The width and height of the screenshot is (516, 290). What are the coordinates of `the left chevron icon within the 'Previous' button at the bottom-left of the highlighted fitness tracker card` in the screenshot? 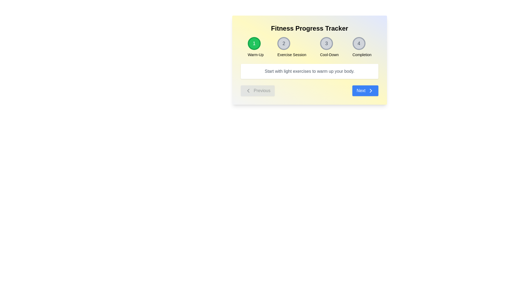 It's located at (248, 90).